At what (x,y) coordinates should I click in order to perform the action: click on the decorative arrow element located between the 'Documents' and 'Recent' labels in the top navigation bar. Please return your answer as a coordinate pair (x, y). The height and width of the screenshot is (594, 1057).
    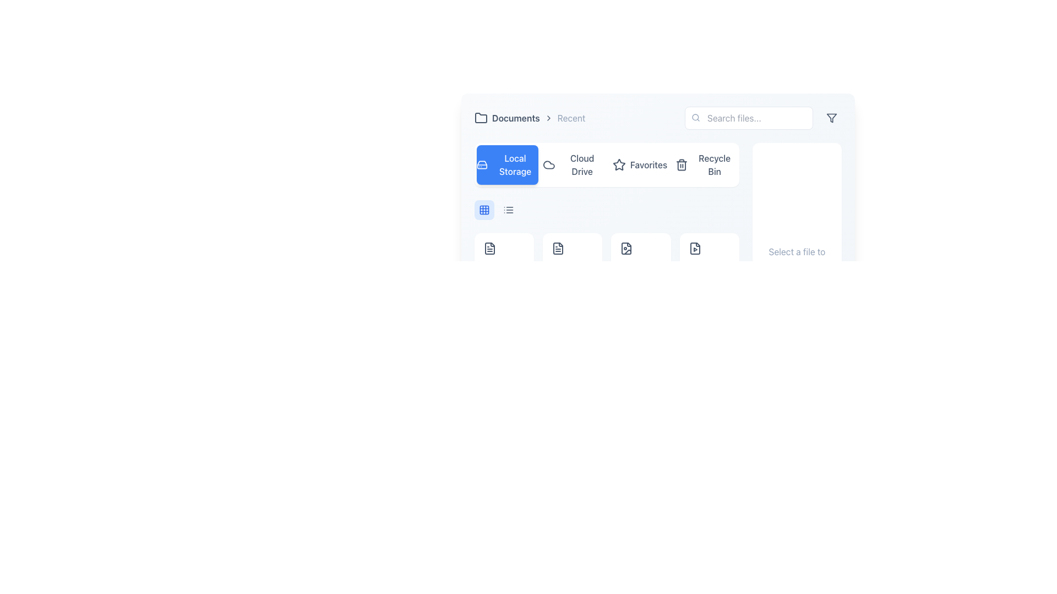
    Looking at the image, I should click on (548, 118).